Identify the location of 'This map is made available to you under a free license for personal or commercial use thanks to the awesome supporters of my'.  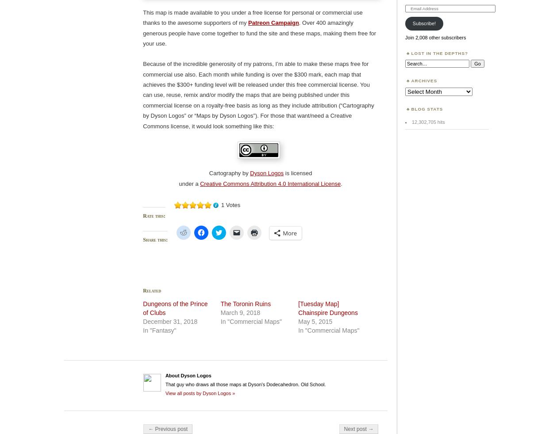
(252, 17).